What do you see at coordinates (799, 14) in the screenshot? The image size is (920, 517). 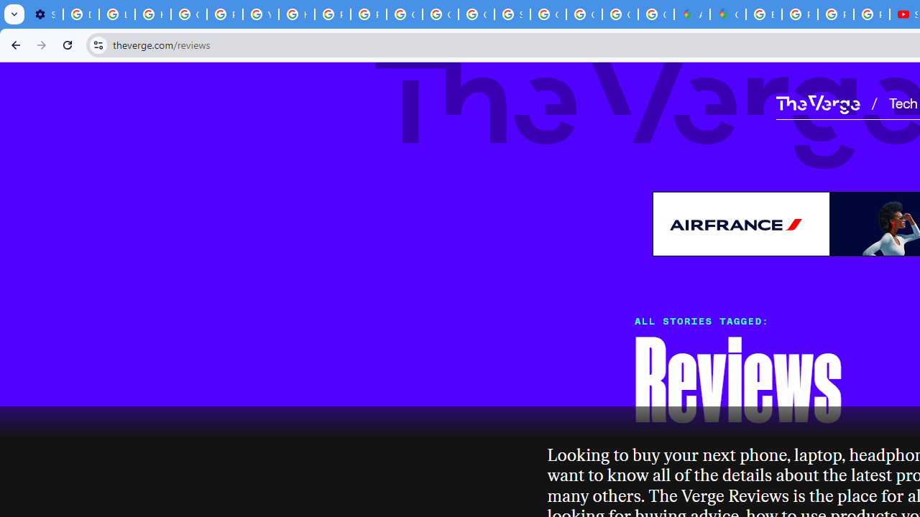 I see `'Privacy Help Center - Policies Help'` at bounding box center [799, 14].